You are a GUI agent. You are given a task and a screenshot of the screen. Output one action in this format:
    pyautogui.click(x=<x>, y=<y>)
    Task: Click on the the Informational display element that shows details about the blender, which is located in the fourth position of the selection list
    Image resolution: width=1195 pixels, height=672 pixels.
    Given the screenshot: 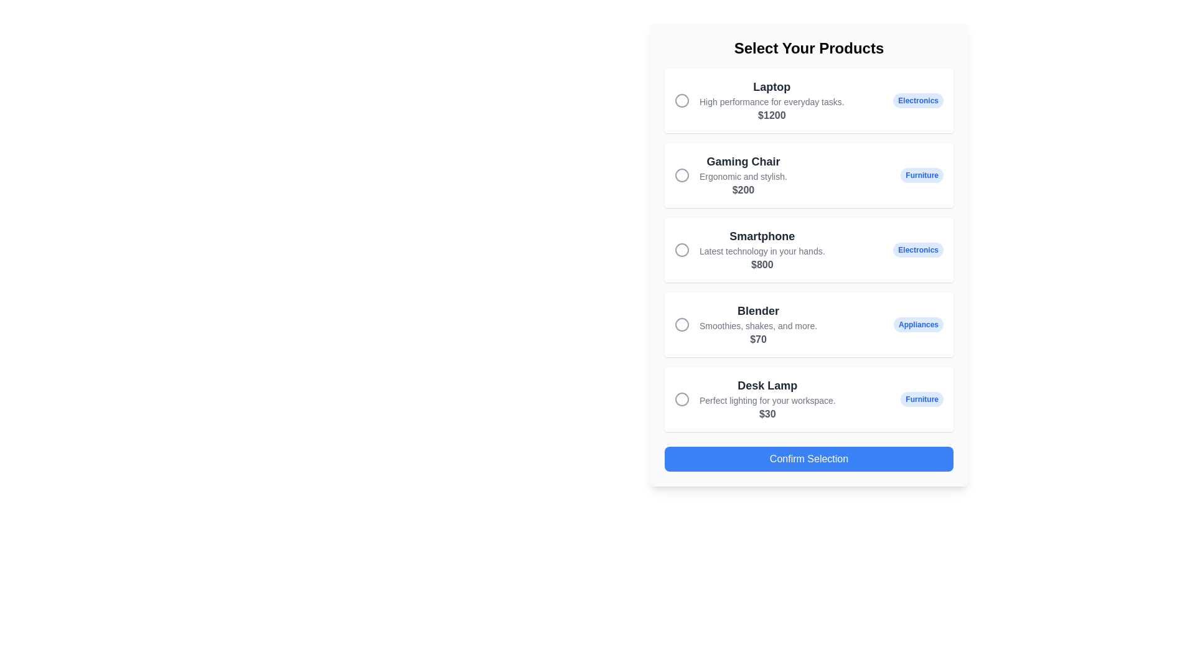 What is the action you would take?
    pyautogui.click(x=757, y=324)
    